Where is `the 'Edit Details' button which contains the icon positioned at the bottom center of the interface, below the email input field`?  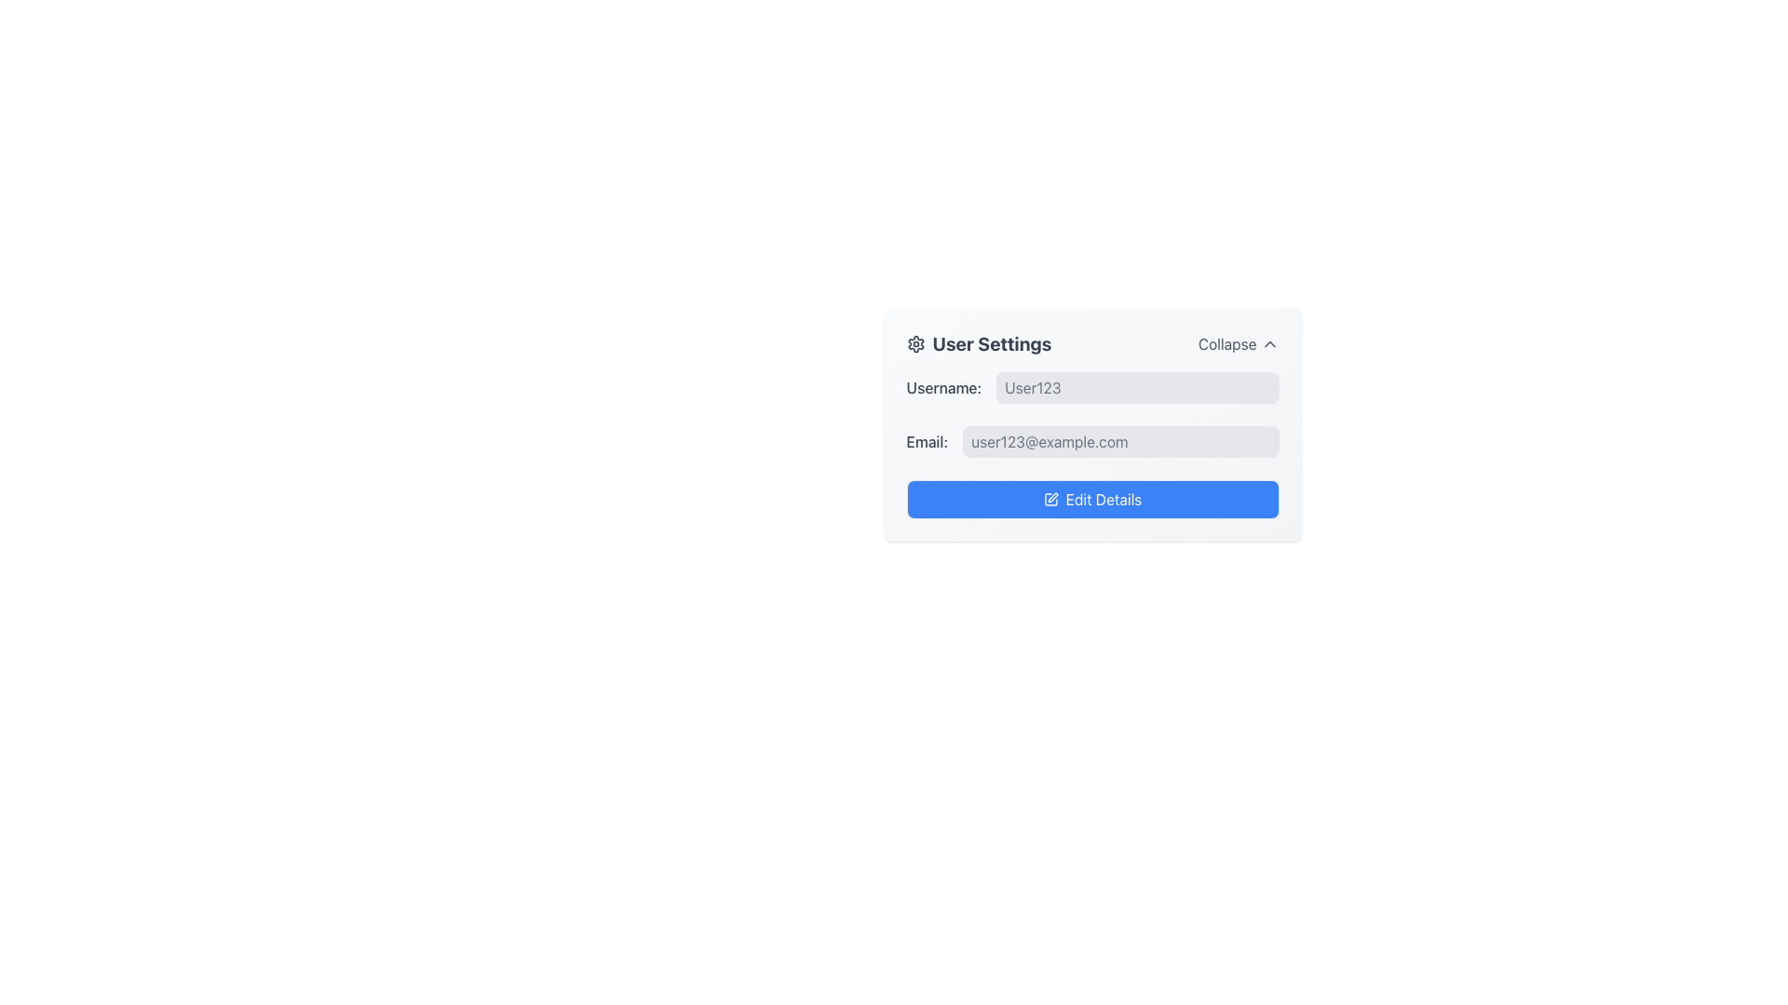 the 'Edit Details' button which contains the icon positioned at the bottom center of the interface, below the email input field is located at coordinates (1051, 497).